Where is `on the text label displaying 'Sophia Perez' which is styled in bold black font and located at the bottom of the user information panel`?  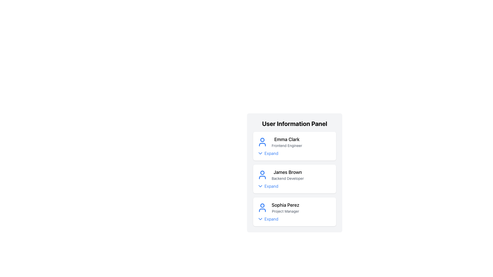 on the text label displaying 'Sophia Perez' which is styled in bold black font and located at the bottom of the user information panel is located at coordinates (285, 205).